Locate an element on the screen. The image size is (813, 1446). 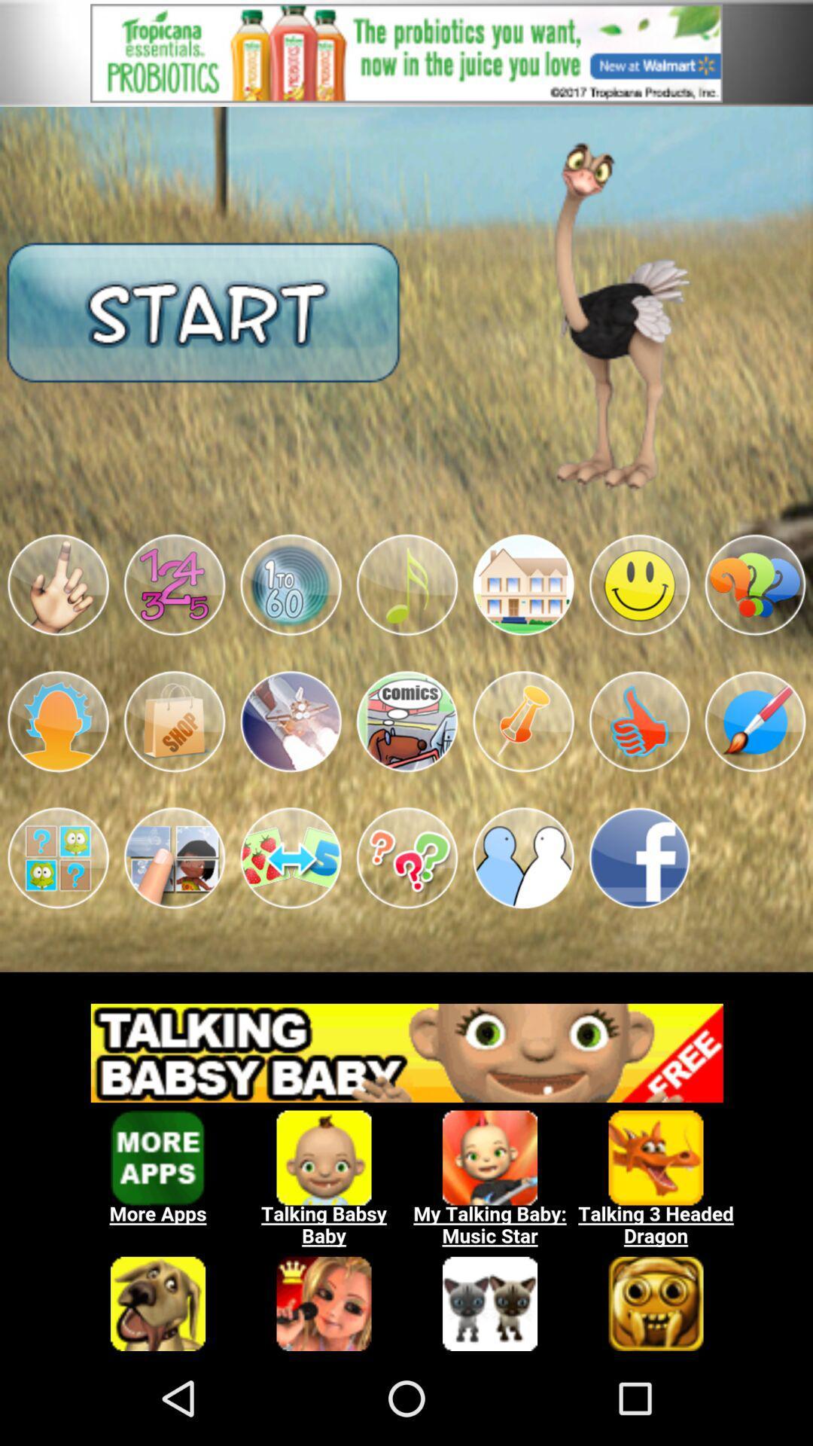
music button is located at coordinates (406, 584).